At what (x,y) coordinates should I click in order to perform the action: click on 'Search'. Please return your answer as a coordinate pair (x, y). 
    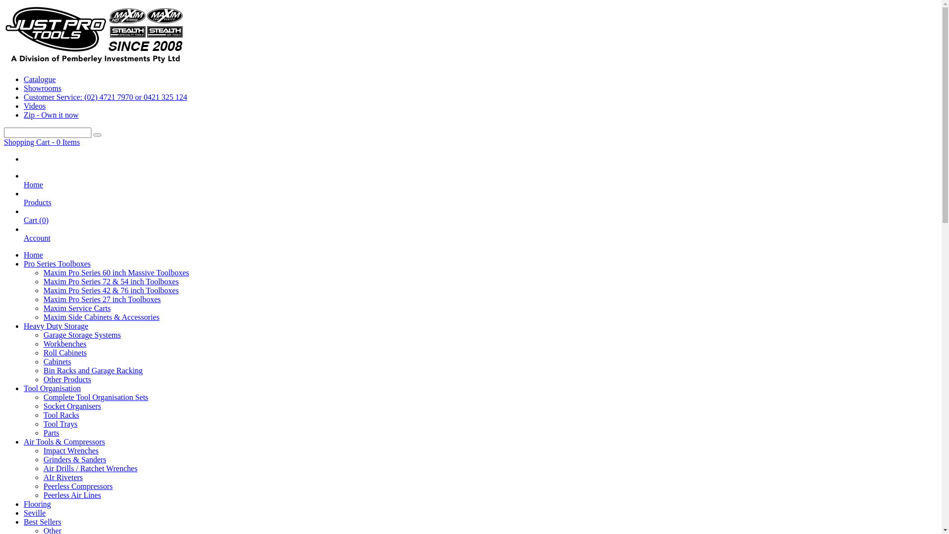
    Looking at the image, I should click on (97, 135).